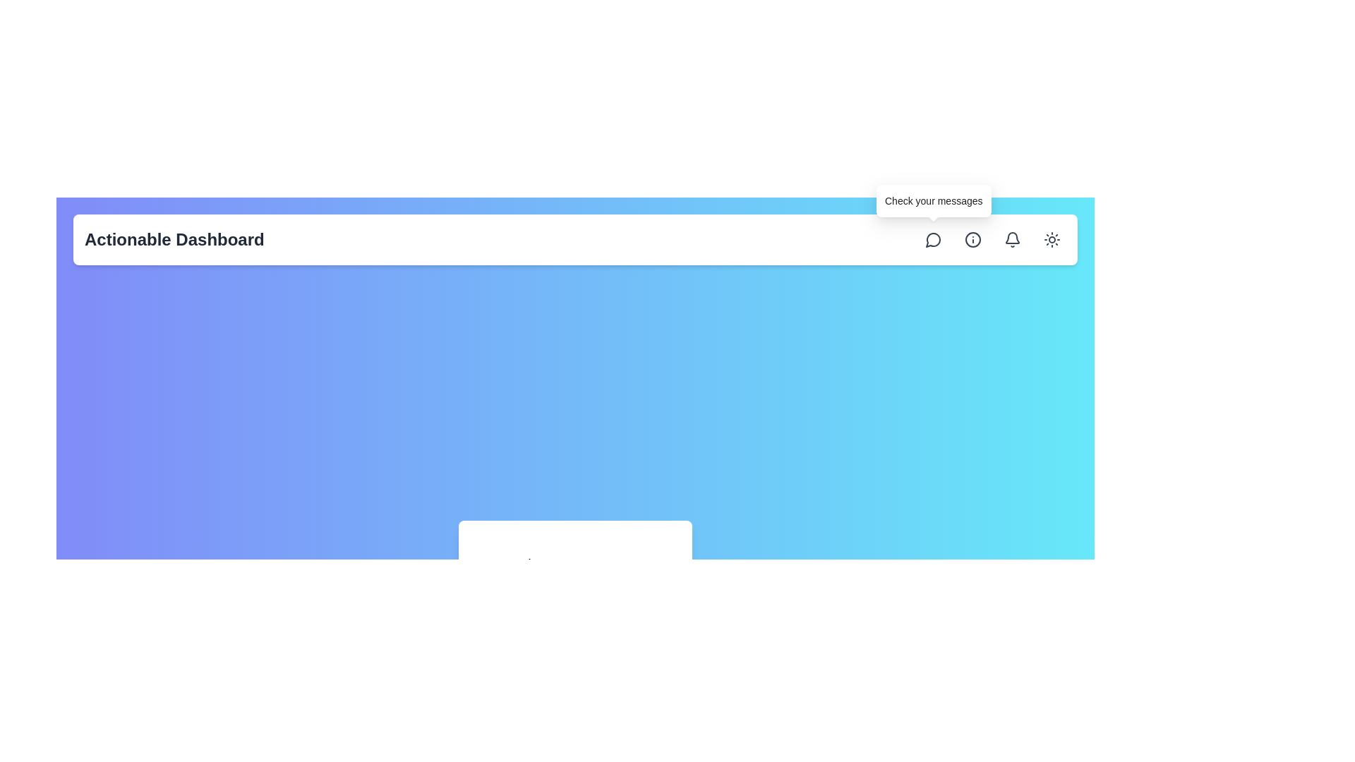 The width and height of the screenshot is (1355, 762). I want to click on the lower part of the bell icon in the top-right corner of the header bar, so click(1012, 237).